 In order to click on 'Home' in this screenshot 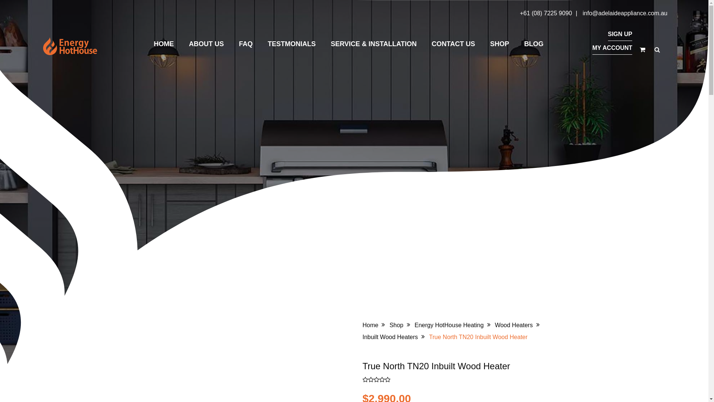, I will do `click(370, 325)`.